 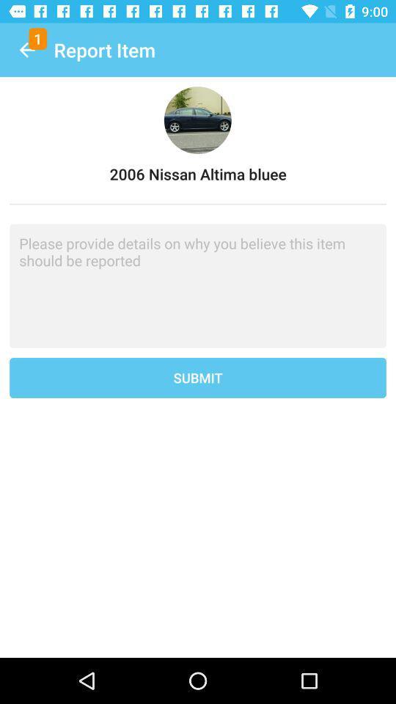 What do you see at coordinates (26, 50) in the screenshot?
I see `the icon next to report item icon` at bounding box center [26, 50].